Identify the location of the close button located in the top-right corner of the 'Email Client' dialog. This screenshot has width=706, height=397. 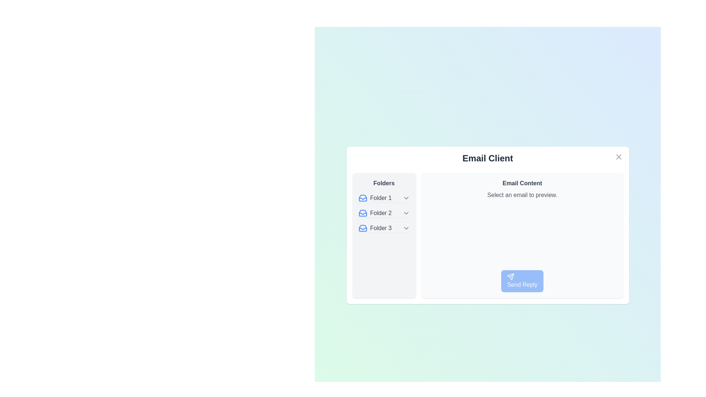
(618, 157).